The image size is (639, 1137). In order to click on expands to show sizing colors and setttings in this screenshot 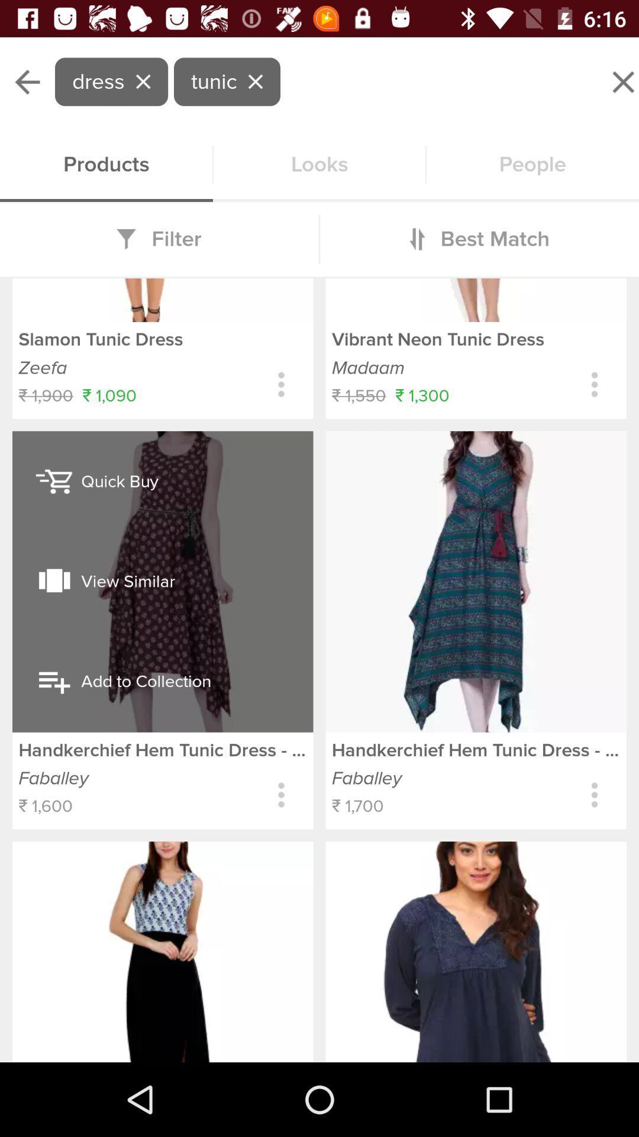, I will do `click(281, 384)`.